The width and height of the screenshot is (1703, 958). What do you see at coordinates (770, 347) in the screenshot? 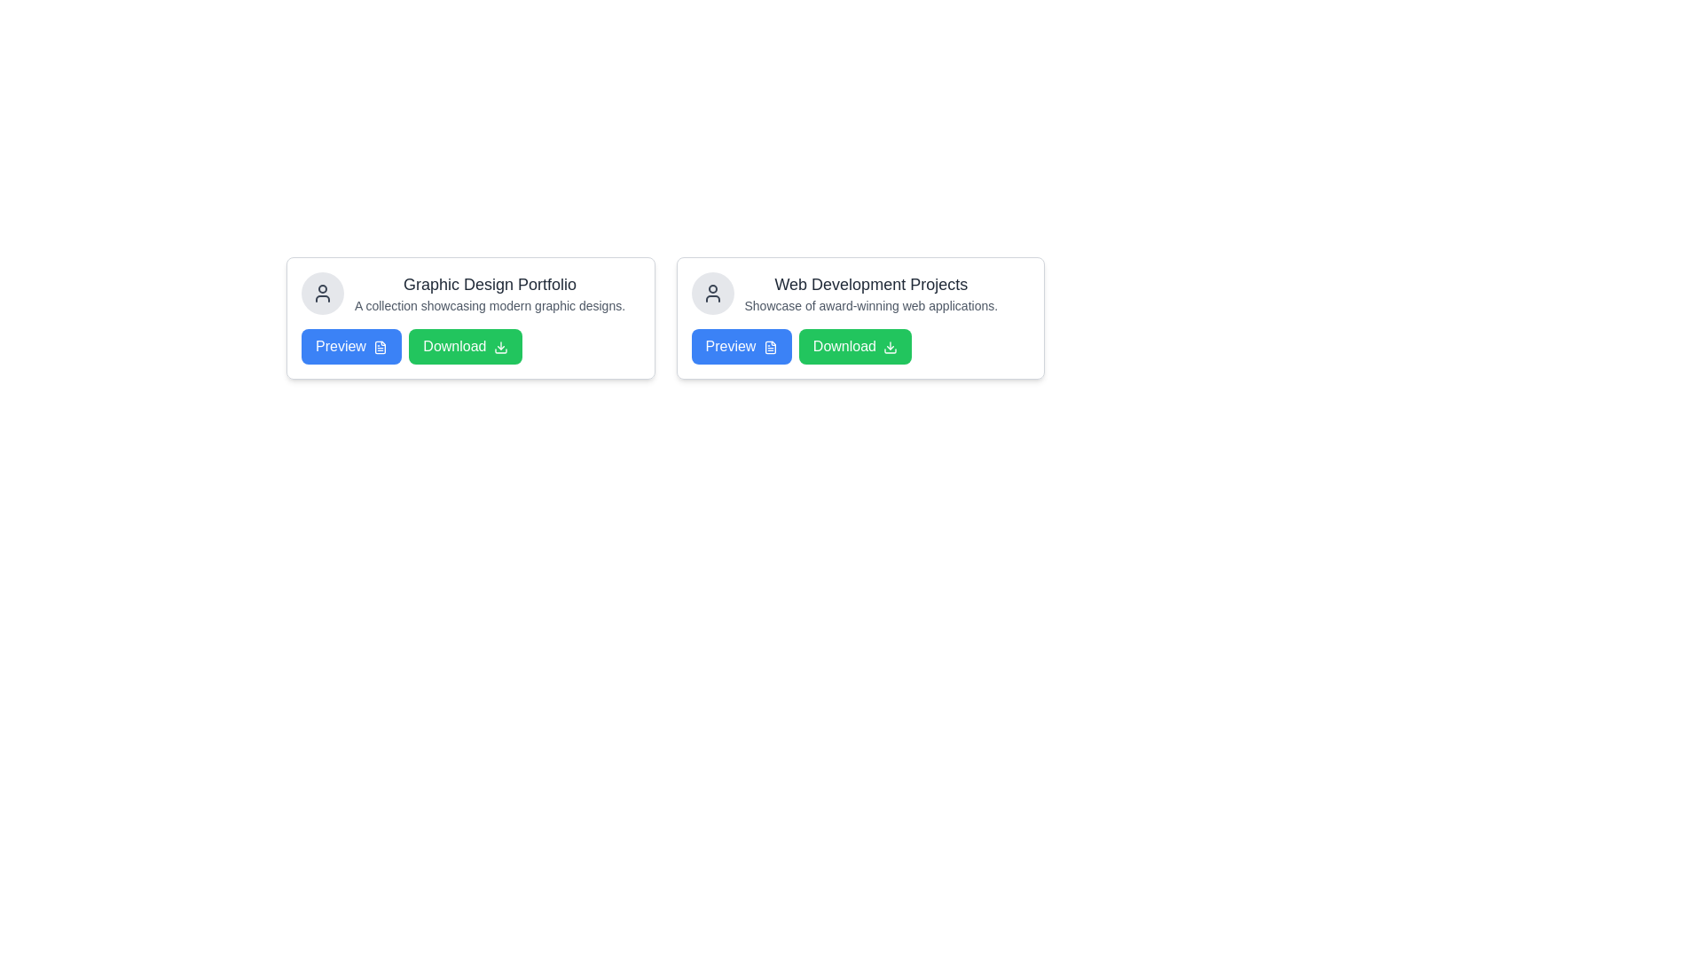
I see `the icon associated with the 'Preview' button in the second card titled 'Web Development Projects' to interact with textual documents` at bounding box center [770, 347].